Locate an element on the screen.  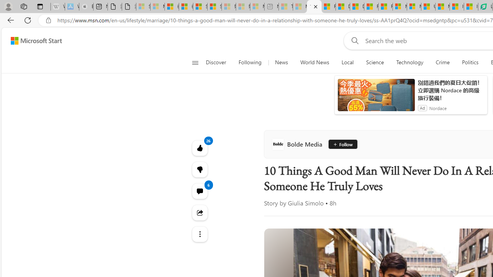
'Sign in to your Microsoft account - Sleeping' is located at coordinates (143, 7).